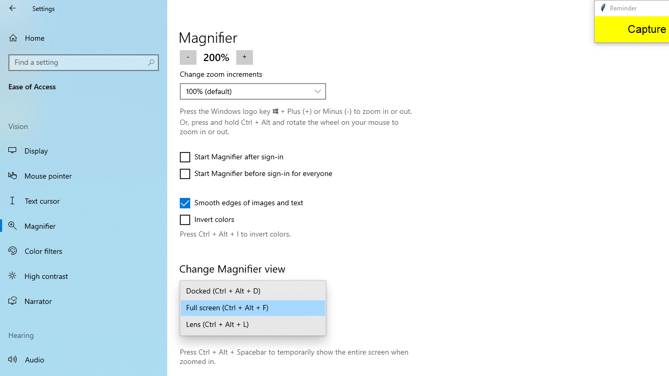  What do you see at coordinates (210, 219) in the screenshot?
I see `'Invert colors'` at bounding box center [210, 219].